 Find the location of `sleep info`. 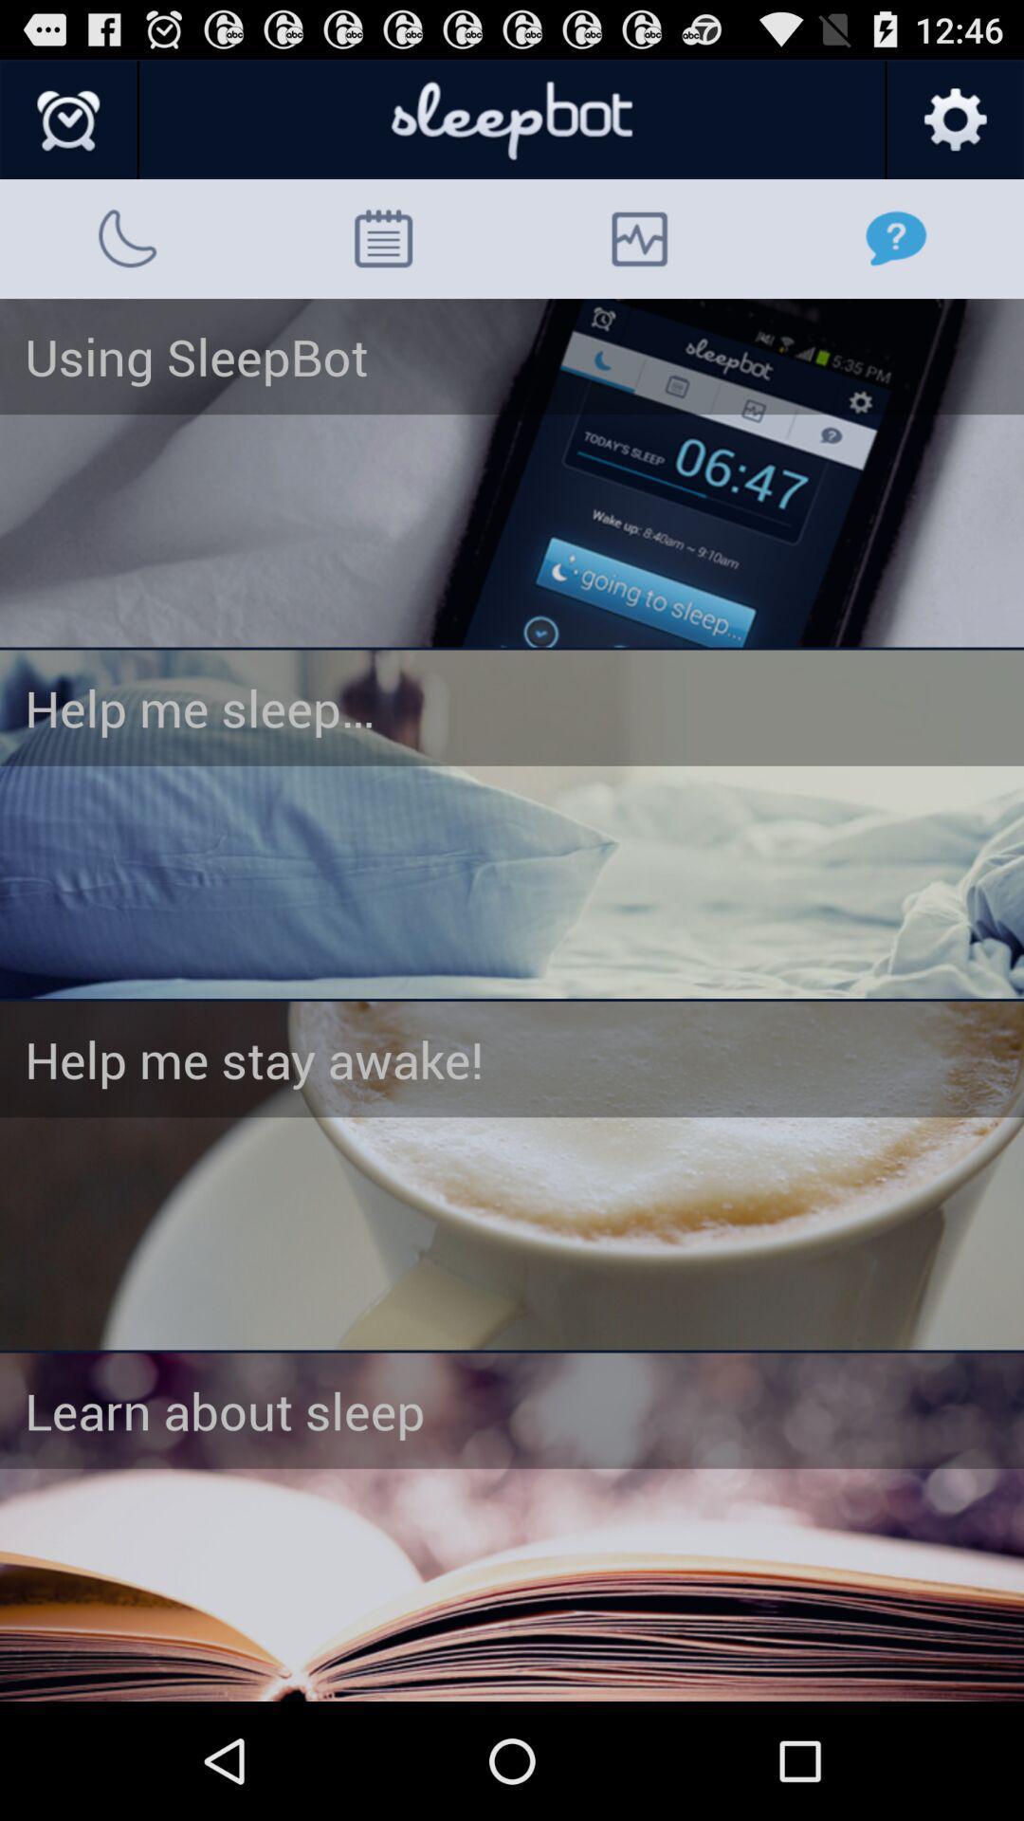

sleep info is located at coordinates (512, 1527).